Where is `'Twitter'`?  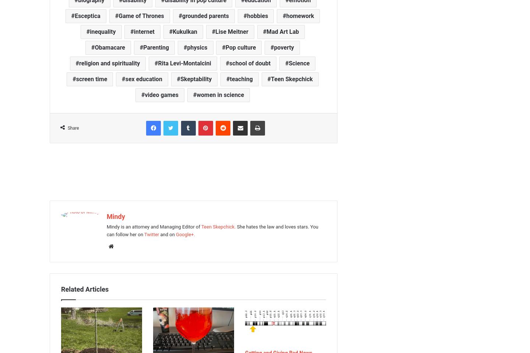
'Twitter' is located at coordinates (144, 234).